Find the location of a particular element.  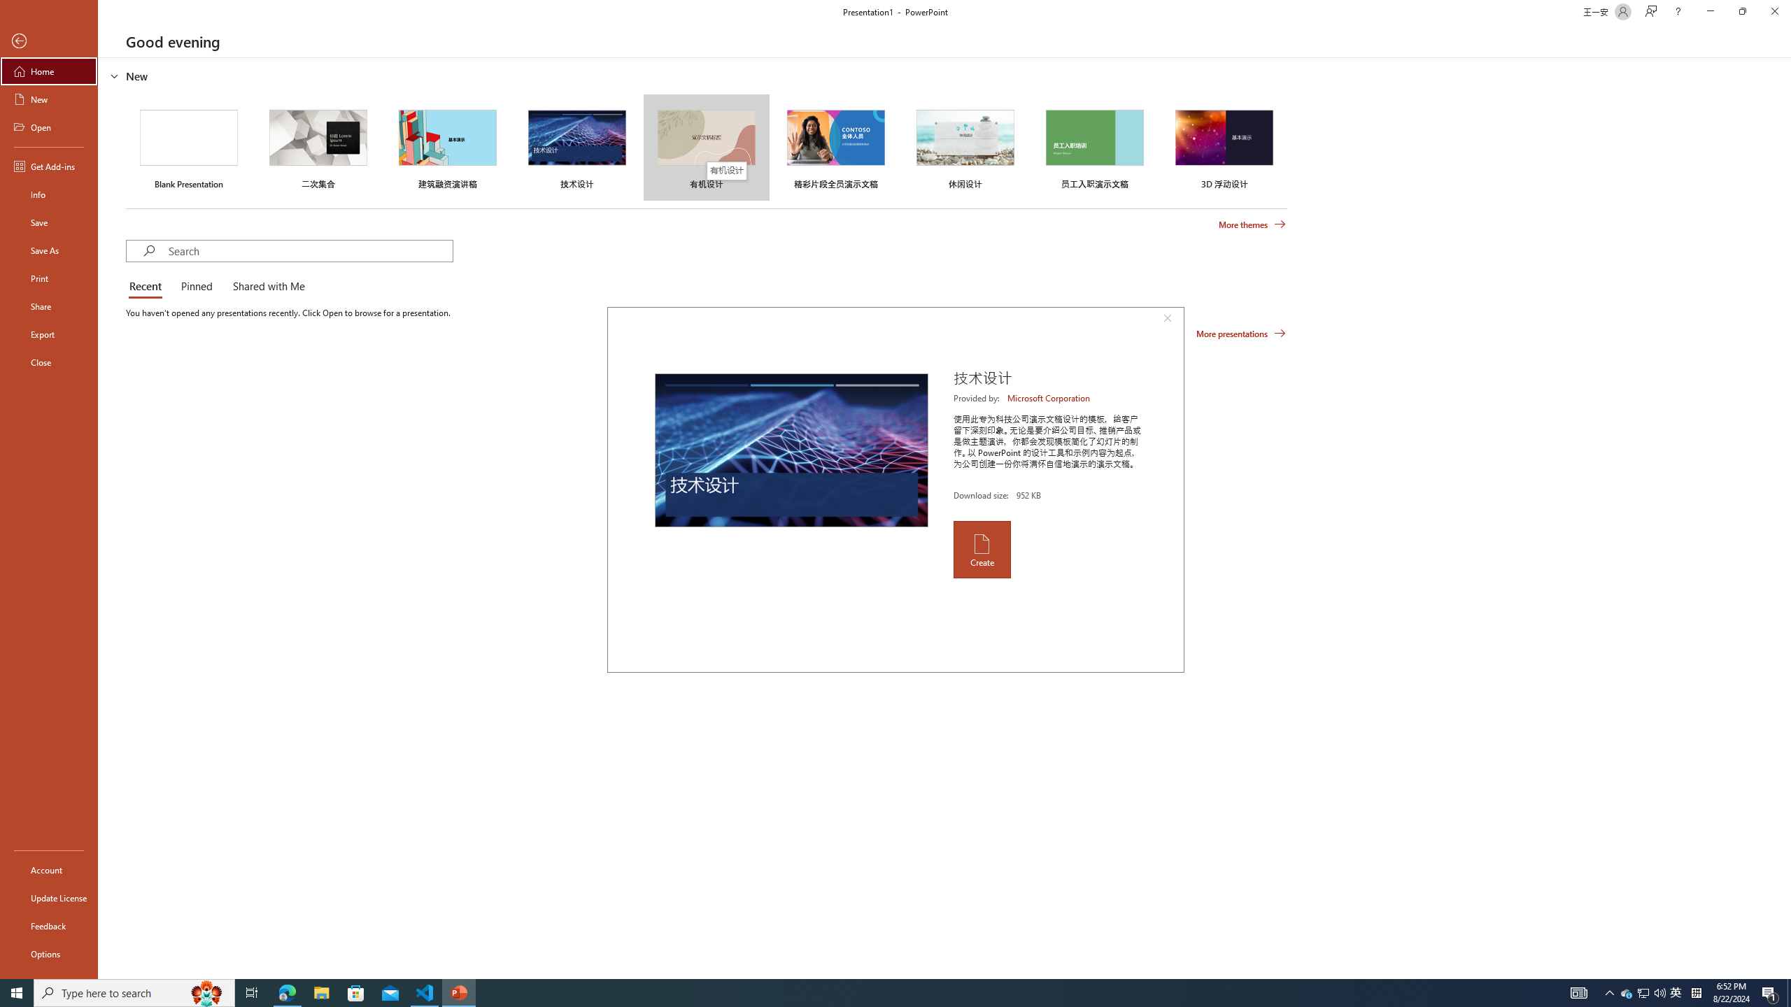

'Print' is located at coordinates (48, 278).